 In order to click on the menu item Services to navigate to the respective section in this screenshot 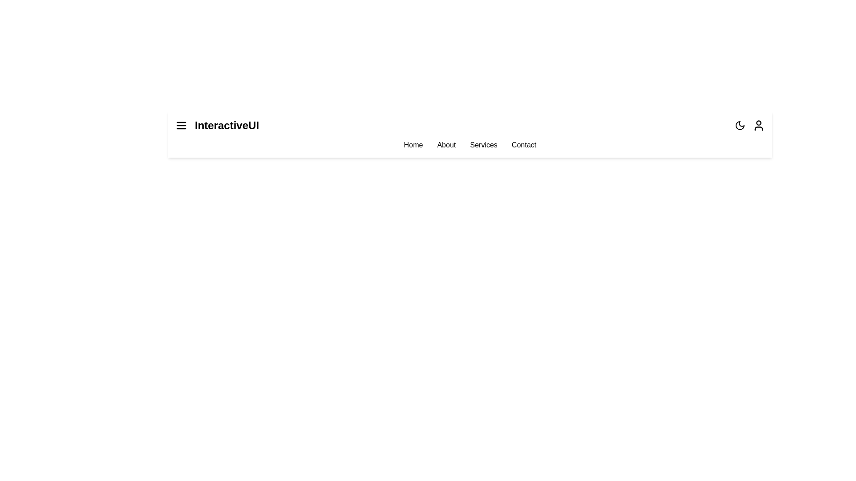, I will do `click(483, 145)`.